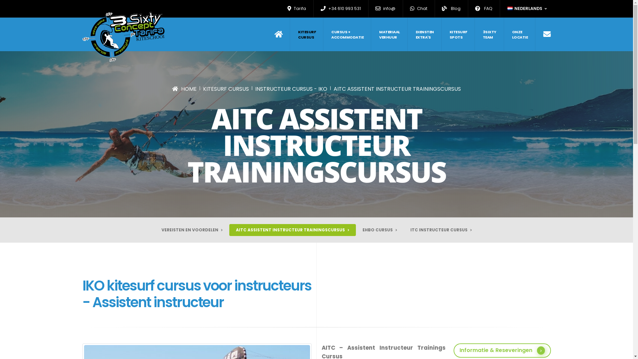 This screenshot has width=638, height=359. What do you see at coordinates (389, 34) in the screenshot?
I see `'MATERIAAL VERHUUR'` at bounding box center [389, 34].